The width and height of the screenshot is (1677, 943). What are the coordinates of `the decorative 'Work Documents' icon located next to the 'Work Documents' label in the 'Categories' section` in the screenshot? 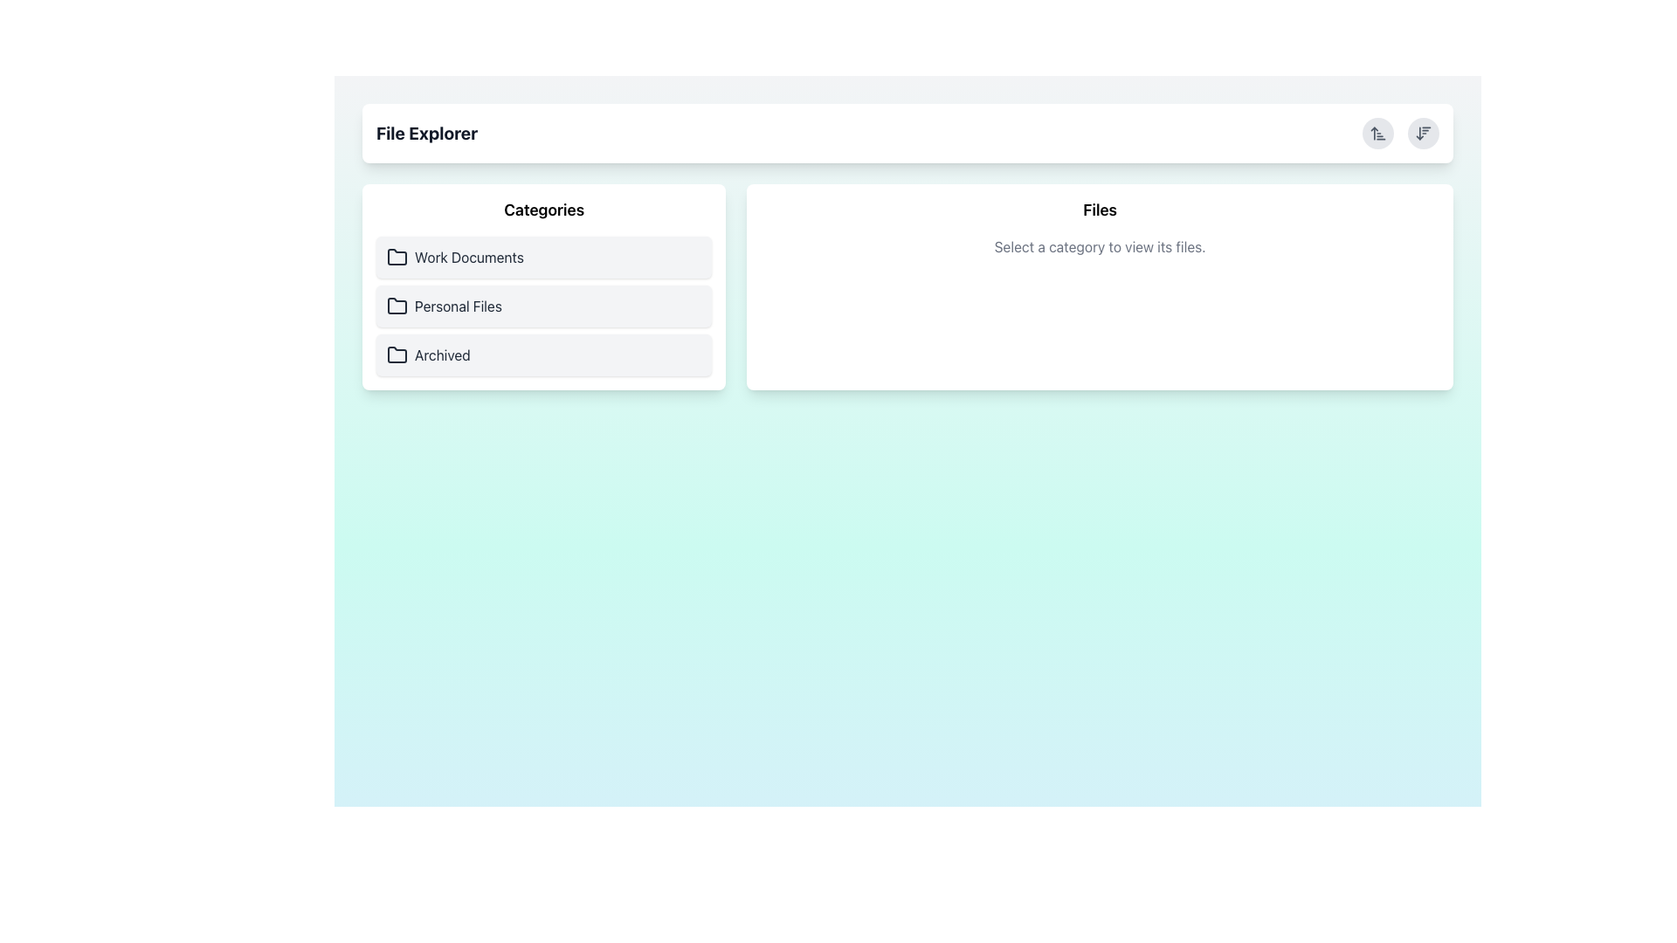 It's located at (397, 257).